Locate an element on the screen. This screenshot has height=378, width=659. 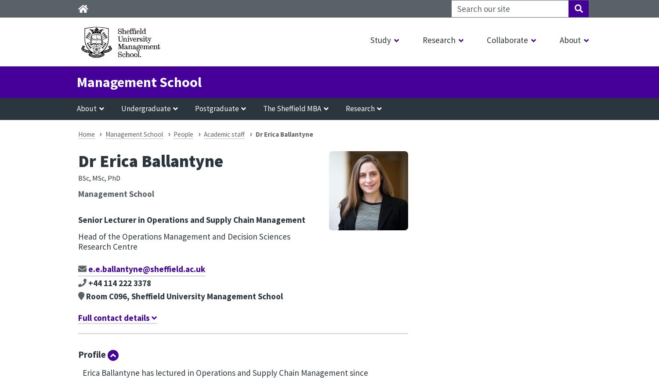
'People' is located at coordinates (183, 134).